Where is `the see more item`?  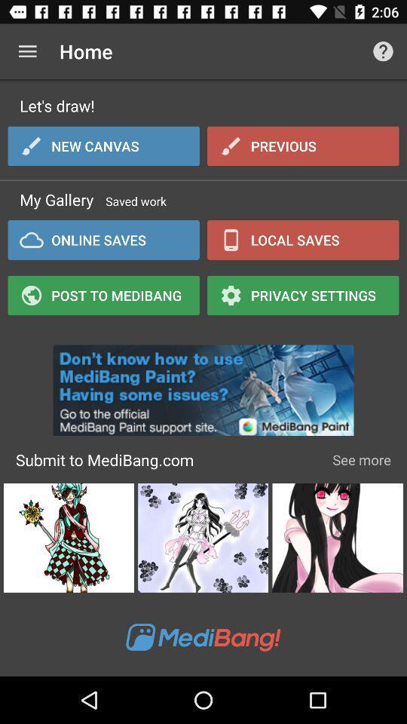 the see more item is located at coordinates (361, 459).